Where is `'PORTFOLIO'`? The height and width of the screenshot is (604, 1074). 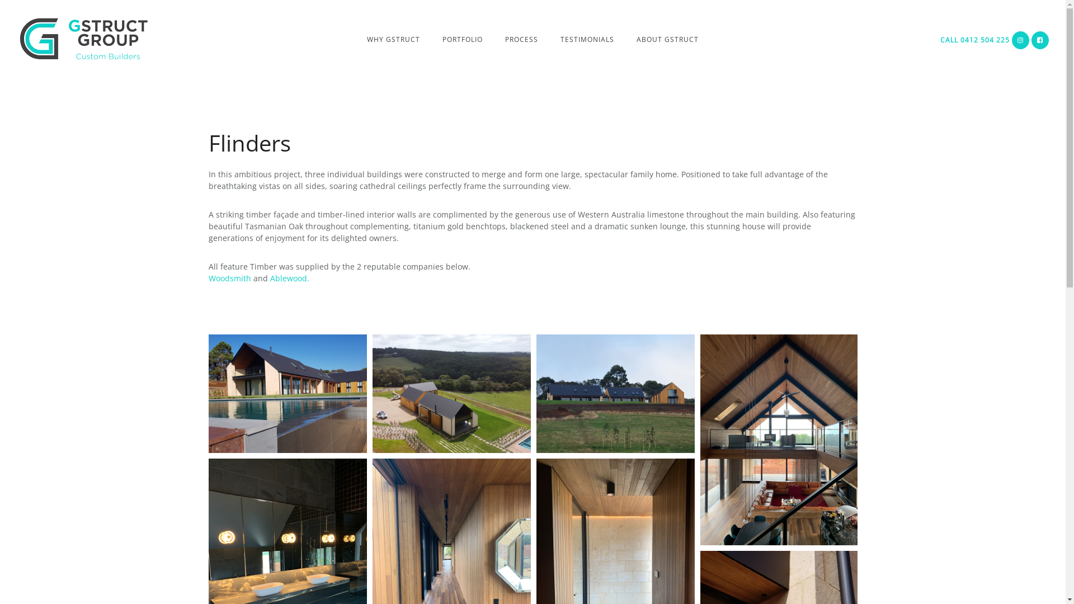
'PORTFOLIO' is located at coordinates (462, 39).